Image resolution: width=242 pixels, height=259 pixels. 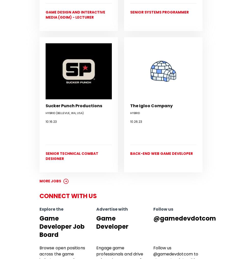 I want to click on 'Explore the', so click(x=51, y=209).